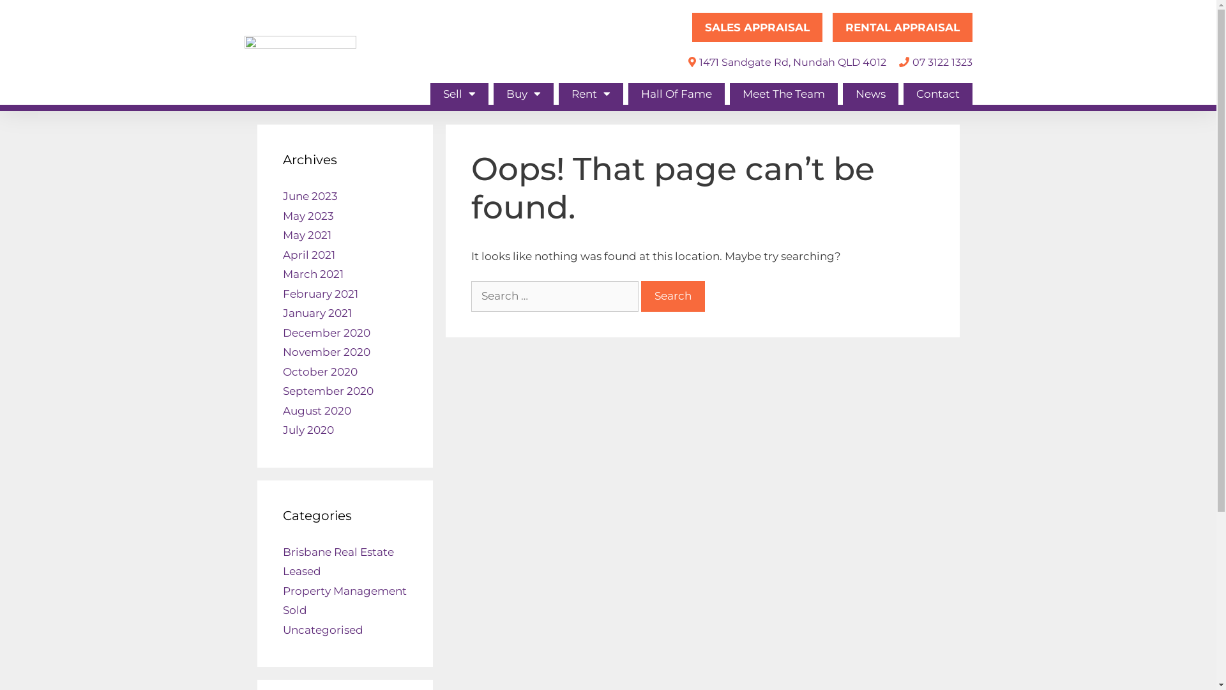 This screenshot has width=1226, height=690. I want to click on 'May 2021', so click(306, 234).